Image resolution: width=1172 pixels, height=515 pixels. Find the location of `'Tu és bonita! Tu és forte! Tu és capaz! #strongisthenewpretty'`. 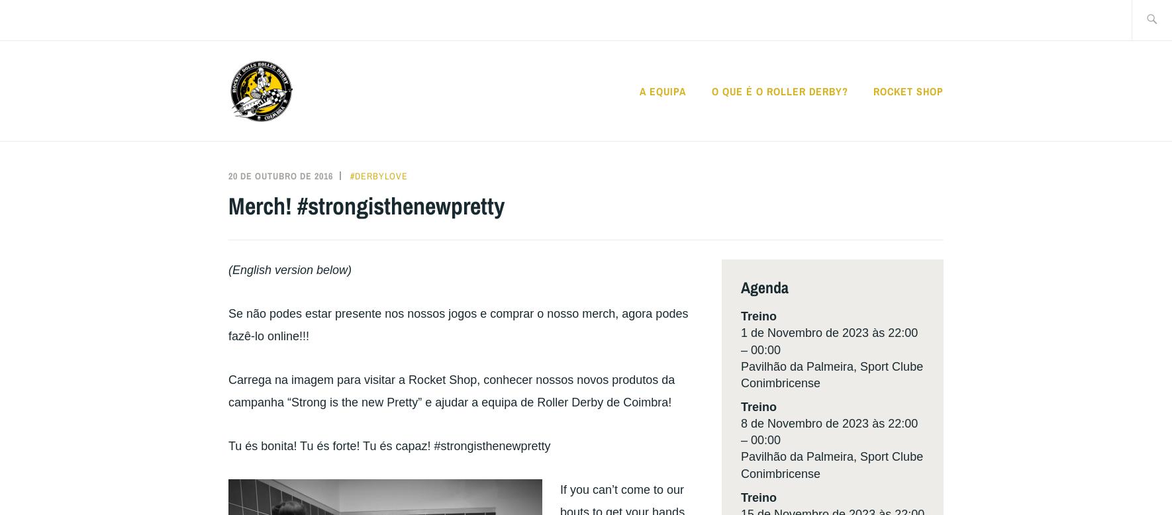

'Tu és bonita! Tu és forte! Tu és capaz! #strongisthenewpretty' is located at coordinates (389, 445).